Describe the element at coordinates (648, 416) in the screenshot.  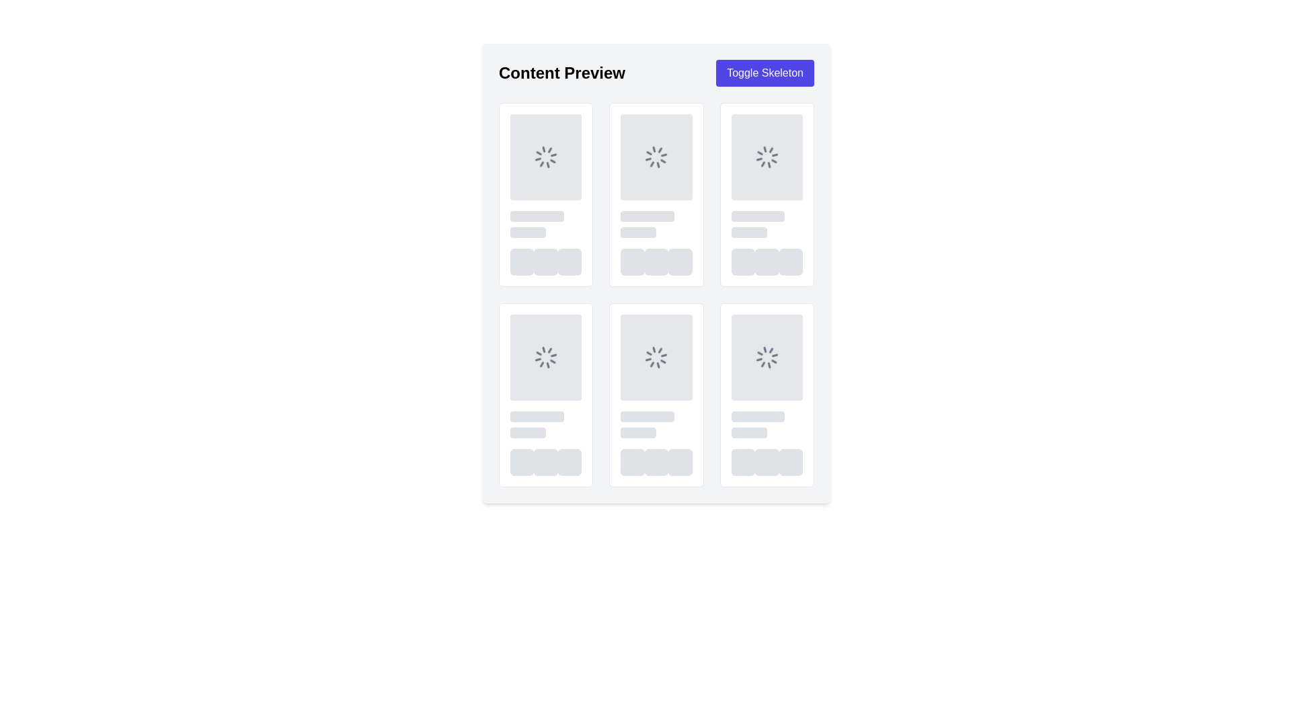
I see `the visual placeholder located in the second entry of the bottom row in a 3x2 grid layout, positioned slightly above the centered text placeholders` at that location.